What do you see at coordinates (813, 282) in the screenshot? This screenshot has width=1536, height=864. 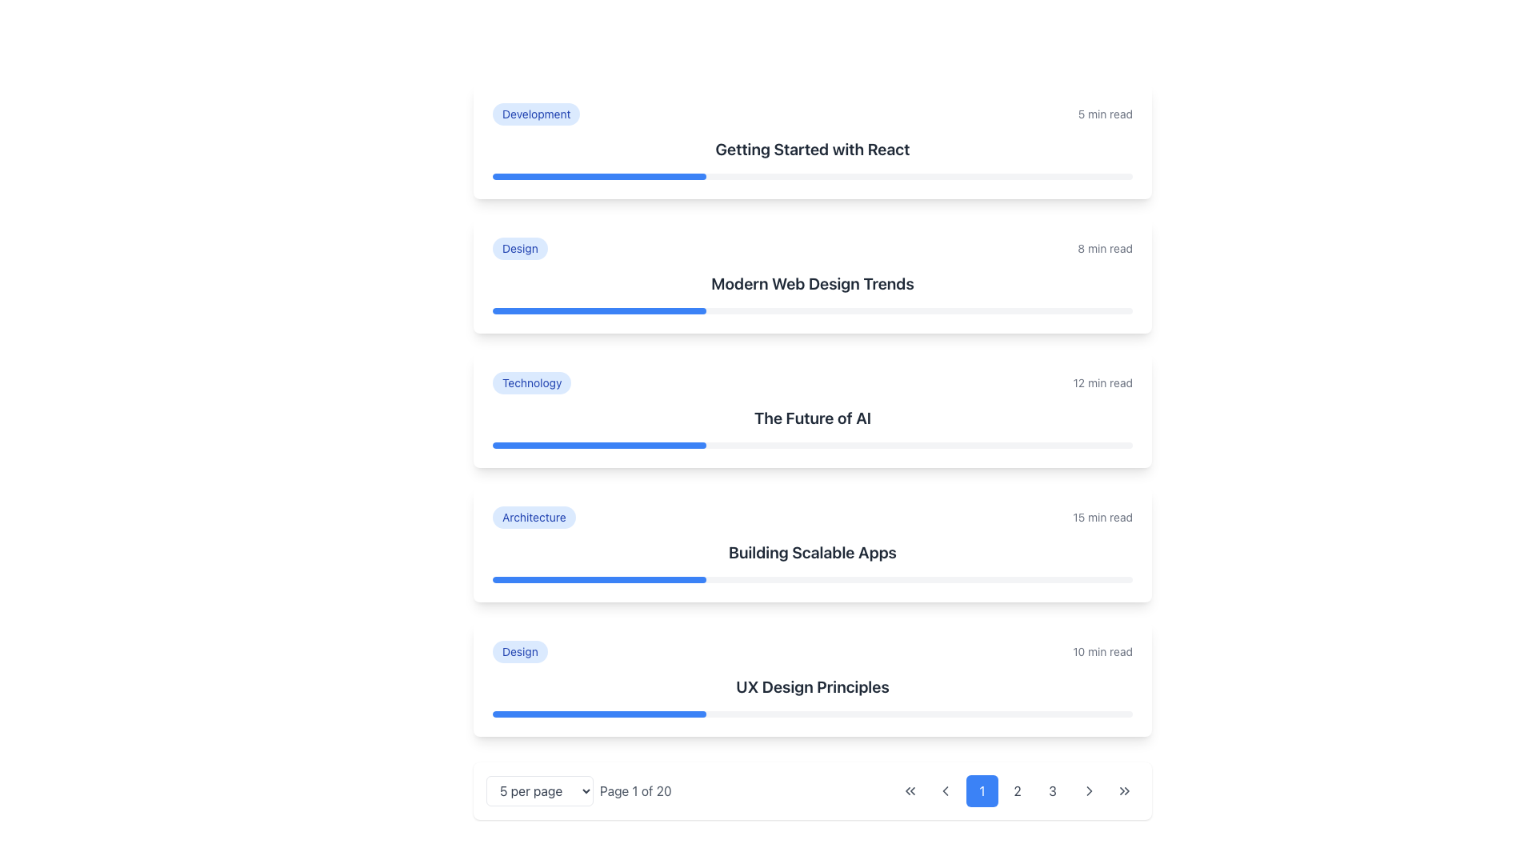 I see `the main title text block displaying 'Modern Web Design Trends'` at bounding box center [813, 282].